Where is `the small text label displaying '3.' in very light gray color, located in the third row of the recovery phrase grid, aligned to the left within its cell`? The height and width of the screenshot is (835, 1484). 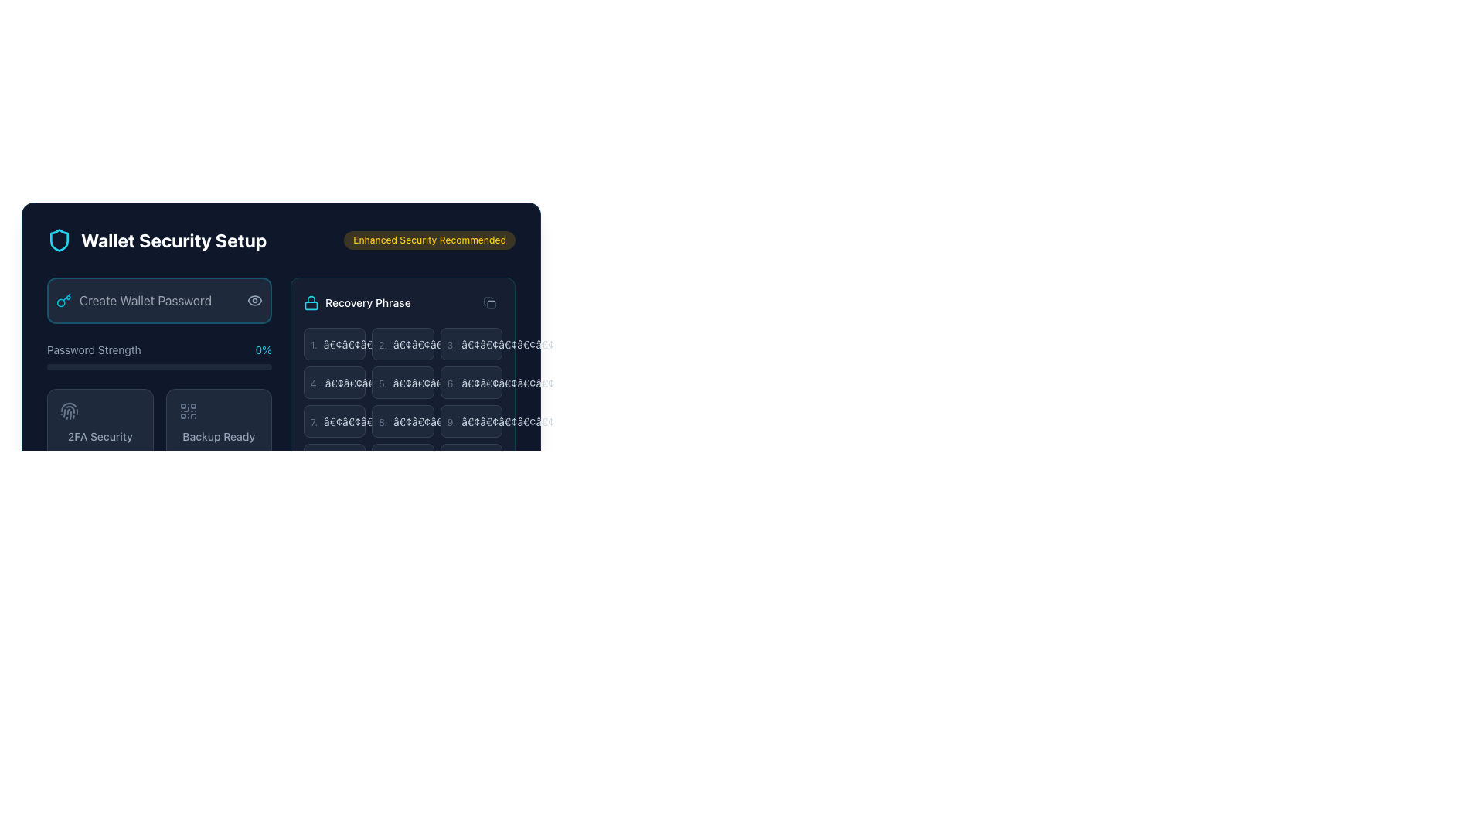
the small text label displaying '3.' in very light gray color, located in the third row of the recovery phrase grid, aligned to the left within its cell is located at coordinates (451, 344).